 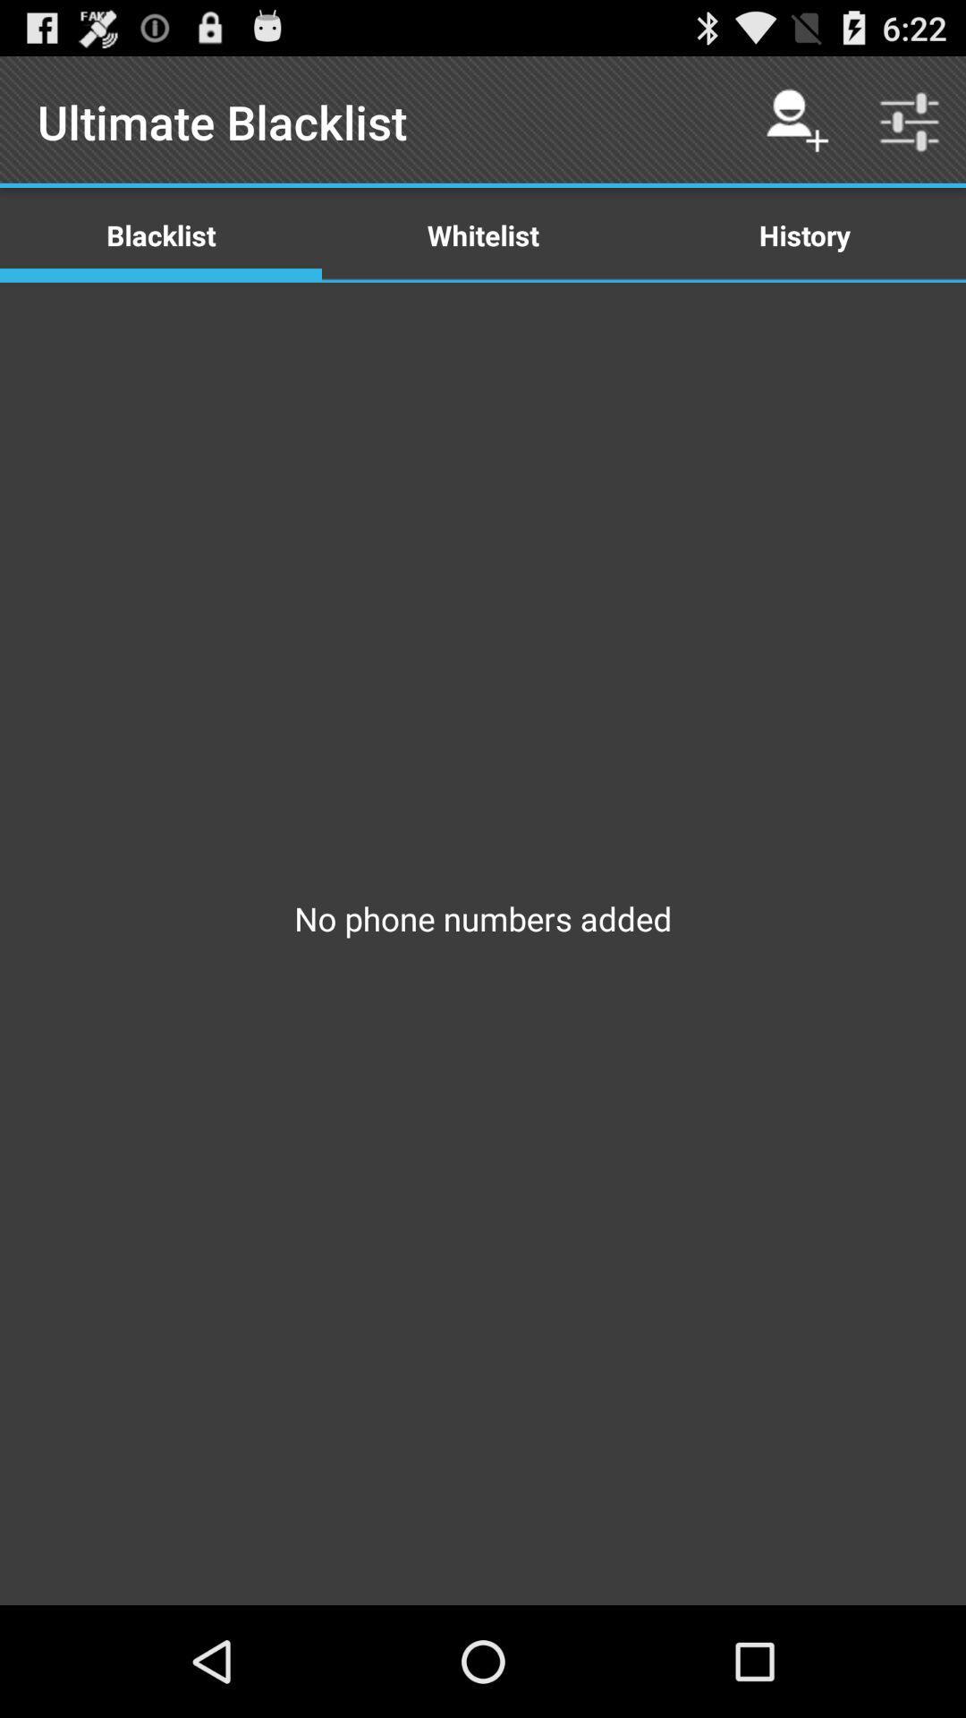 I want to click on item next to the whitelist, so click(x=803, y=234).